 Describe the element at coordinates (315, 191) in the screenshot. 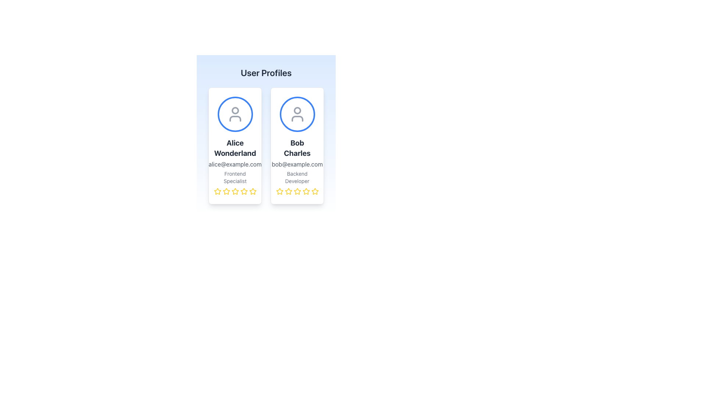

I see `the fifth star icon in the rating system for user profile 'Bob Charles', which has a yellow outline and a hollow center` at that location.